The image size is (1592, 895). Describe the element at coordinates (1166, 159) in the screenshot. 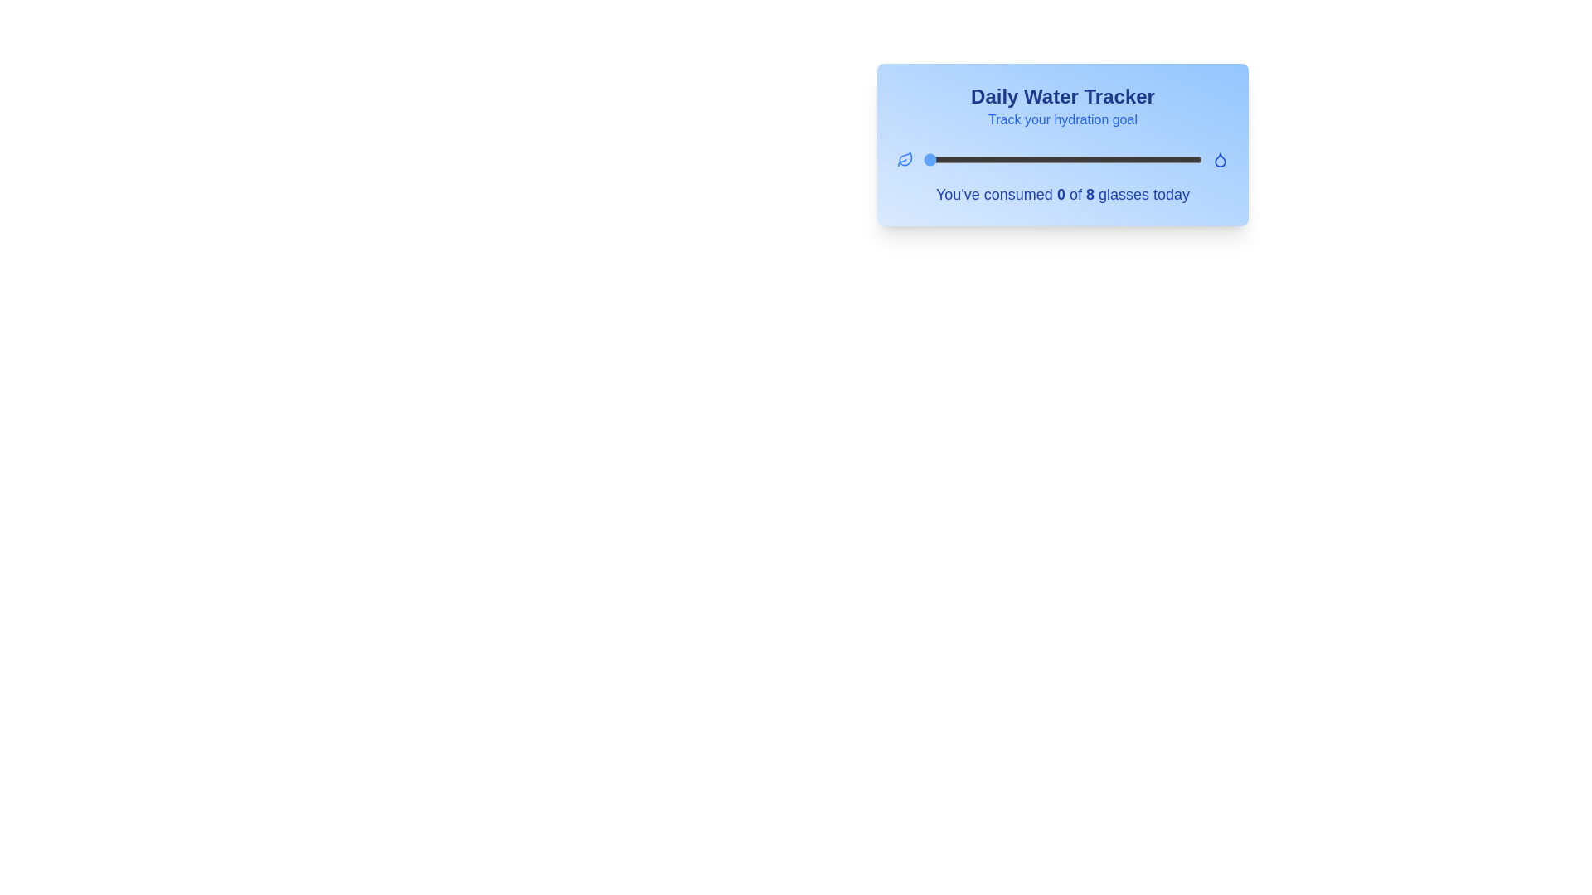

I see `the water intake slider to set the water consumption to 7 glasses` at that location.